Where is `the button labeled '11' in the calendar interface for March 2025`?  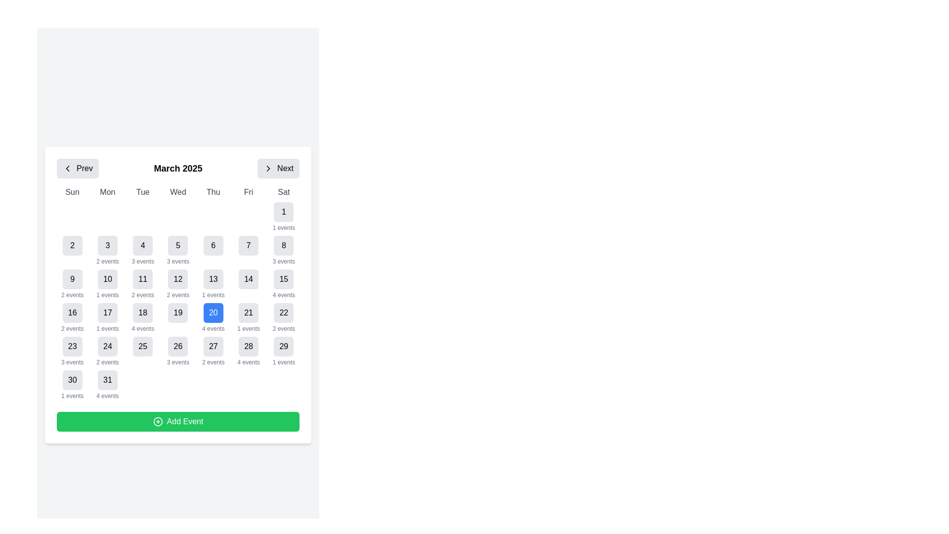
the button labeled '11' in the calendar interface for March 2025 is located at coordinates (142, 279).